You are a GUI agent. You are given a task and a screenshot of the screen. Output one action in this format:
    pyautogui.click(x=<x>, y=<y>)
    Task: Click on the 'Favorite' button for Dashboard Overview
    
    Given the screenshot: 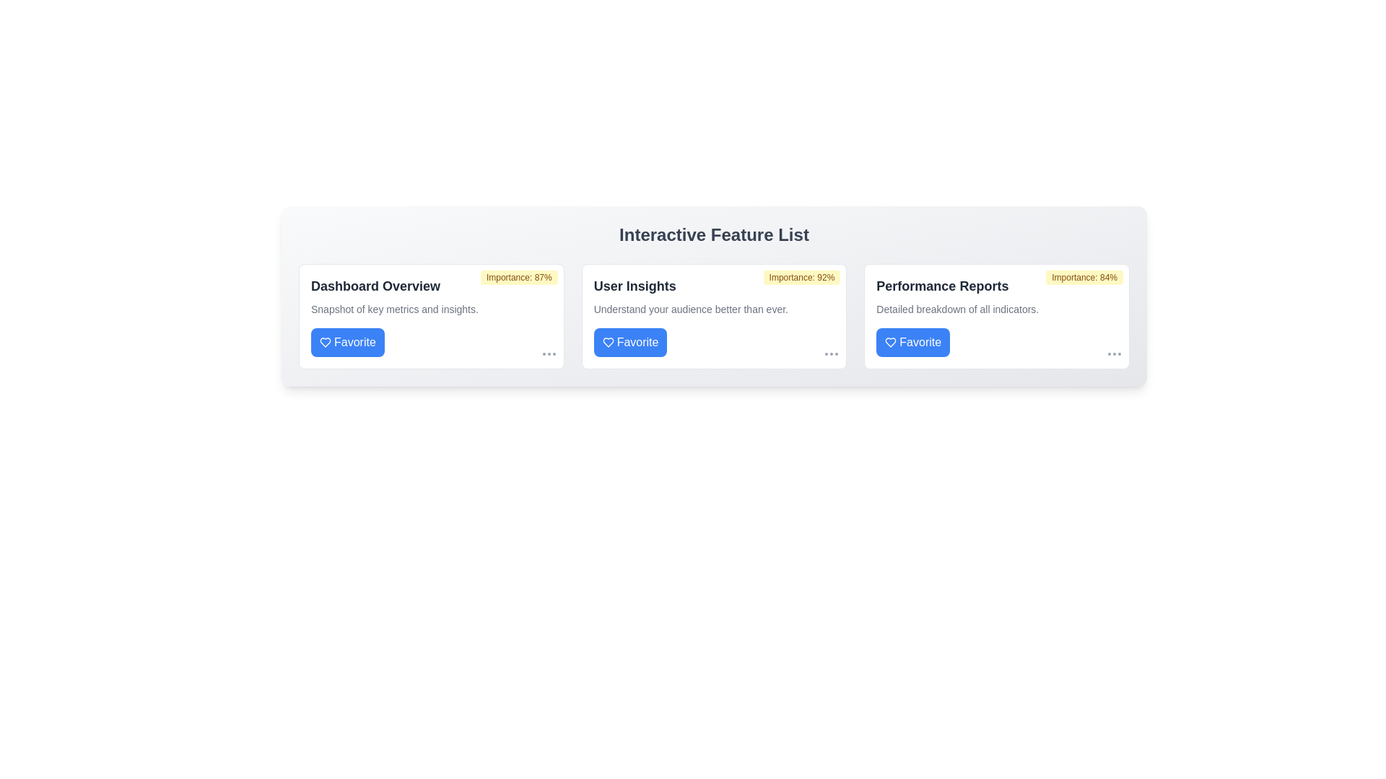 What is the action you would take?
    pyautogui.click(x=347, y=342)
    